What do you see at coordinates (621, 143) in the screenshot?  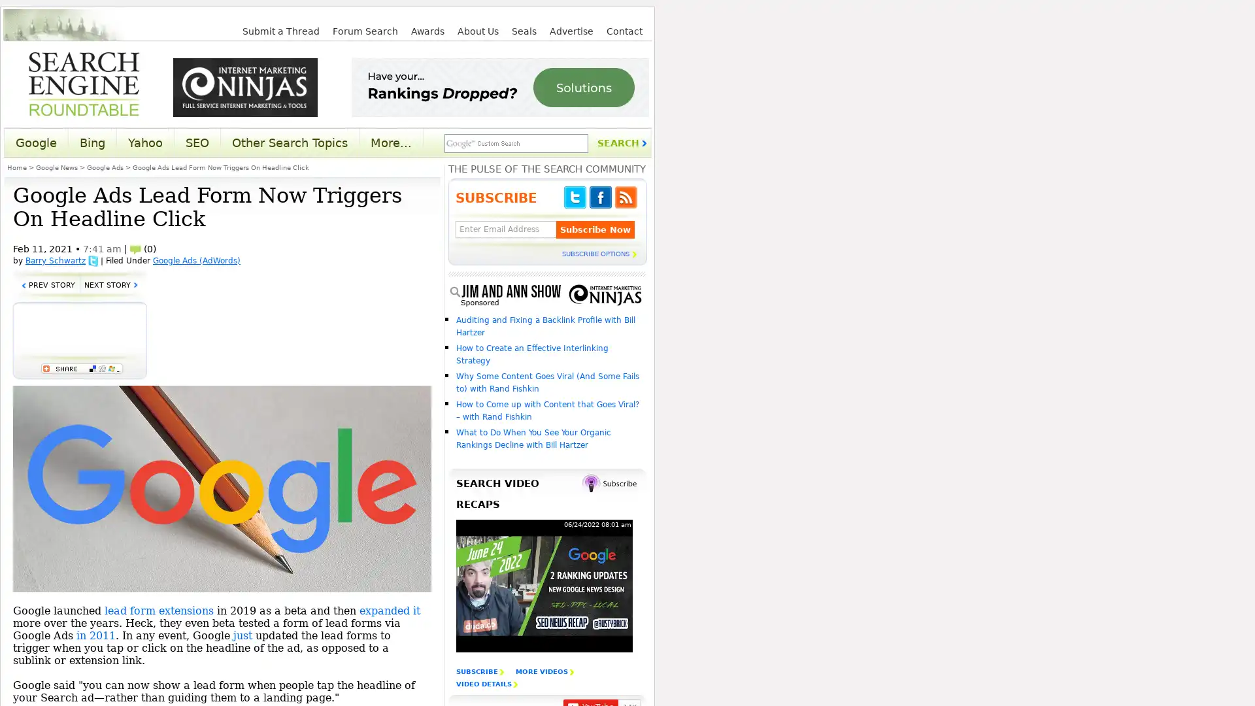 I see `Search` at bounding box center [621, 143].